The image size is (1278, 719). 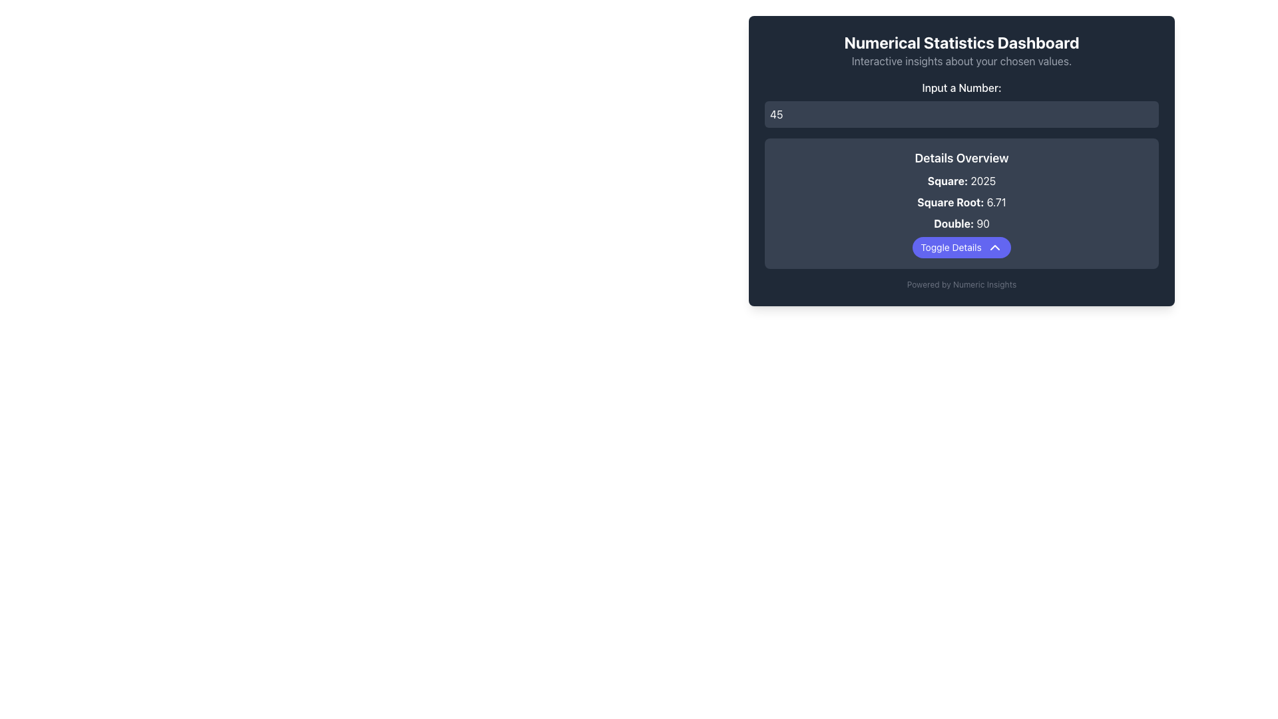 What do you see at coordinates (961, 61) in the screenshot?
I see `the text label located immediately below the bold title 'Numerical Statistics Dashboard' in the header section of the dashboard, which provides supplementary information about its functionality` at bounding box center [961, 61].